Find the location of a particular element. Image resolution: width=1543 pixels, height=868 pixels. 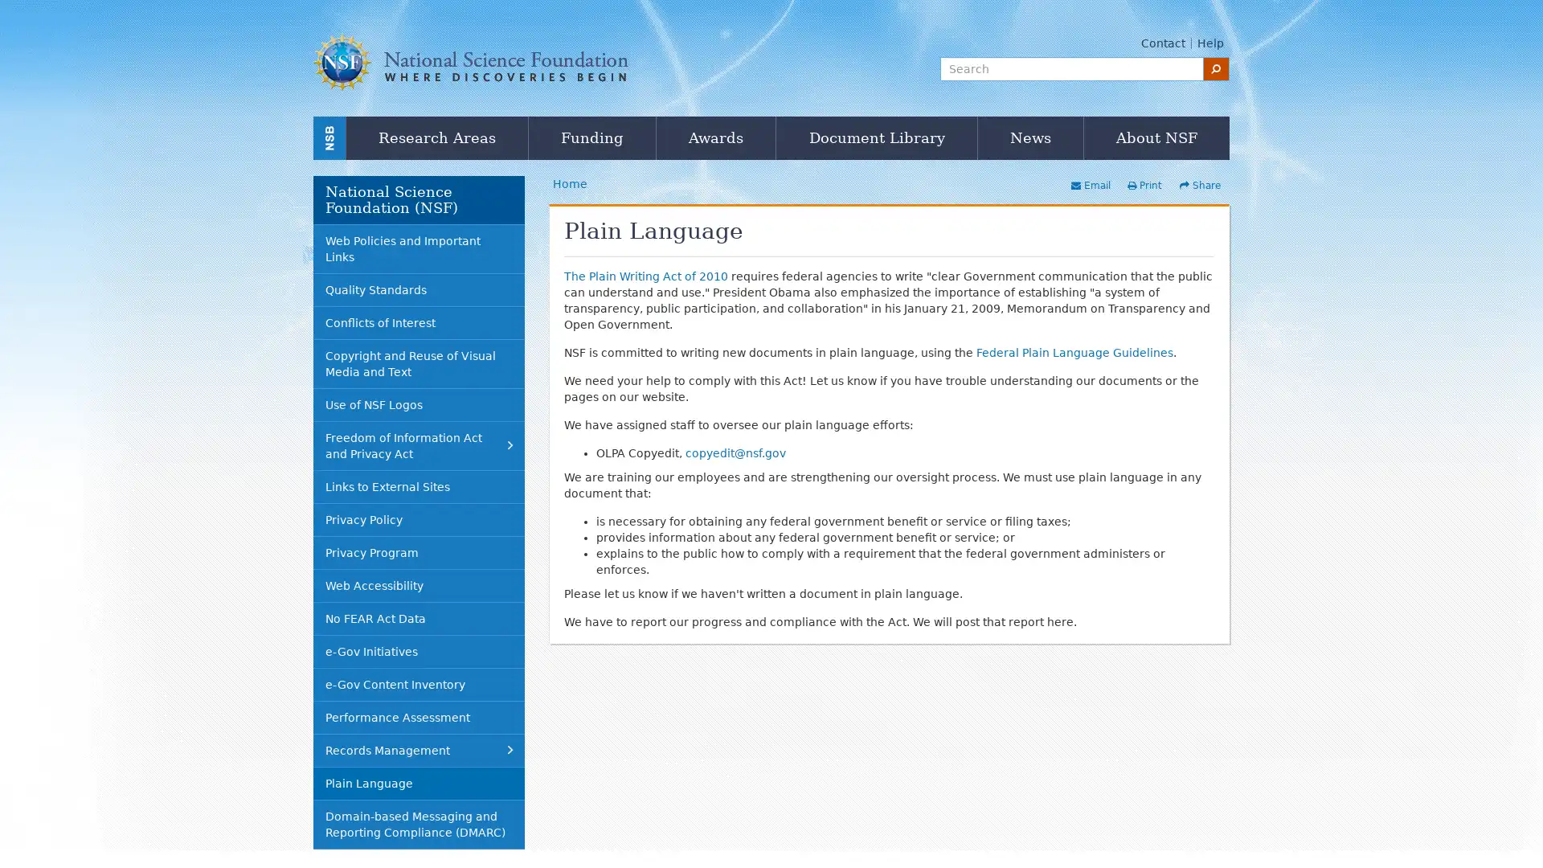

Print this page is located at coordinates (1143, 185).